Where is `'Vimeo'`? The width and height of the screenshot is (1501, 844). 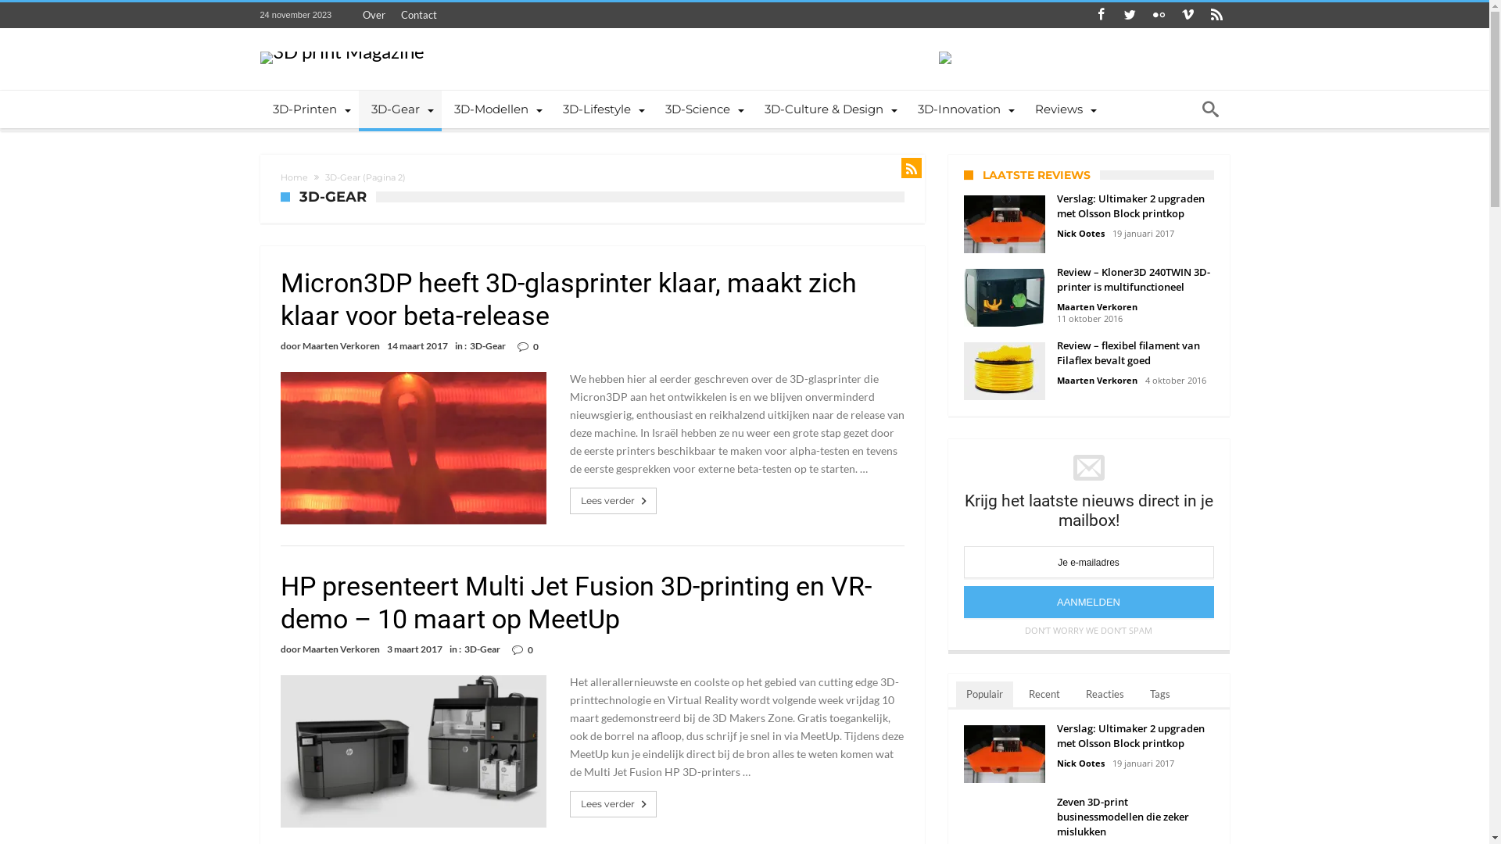
'Vimeo' is located at coordinates (1188, 15).